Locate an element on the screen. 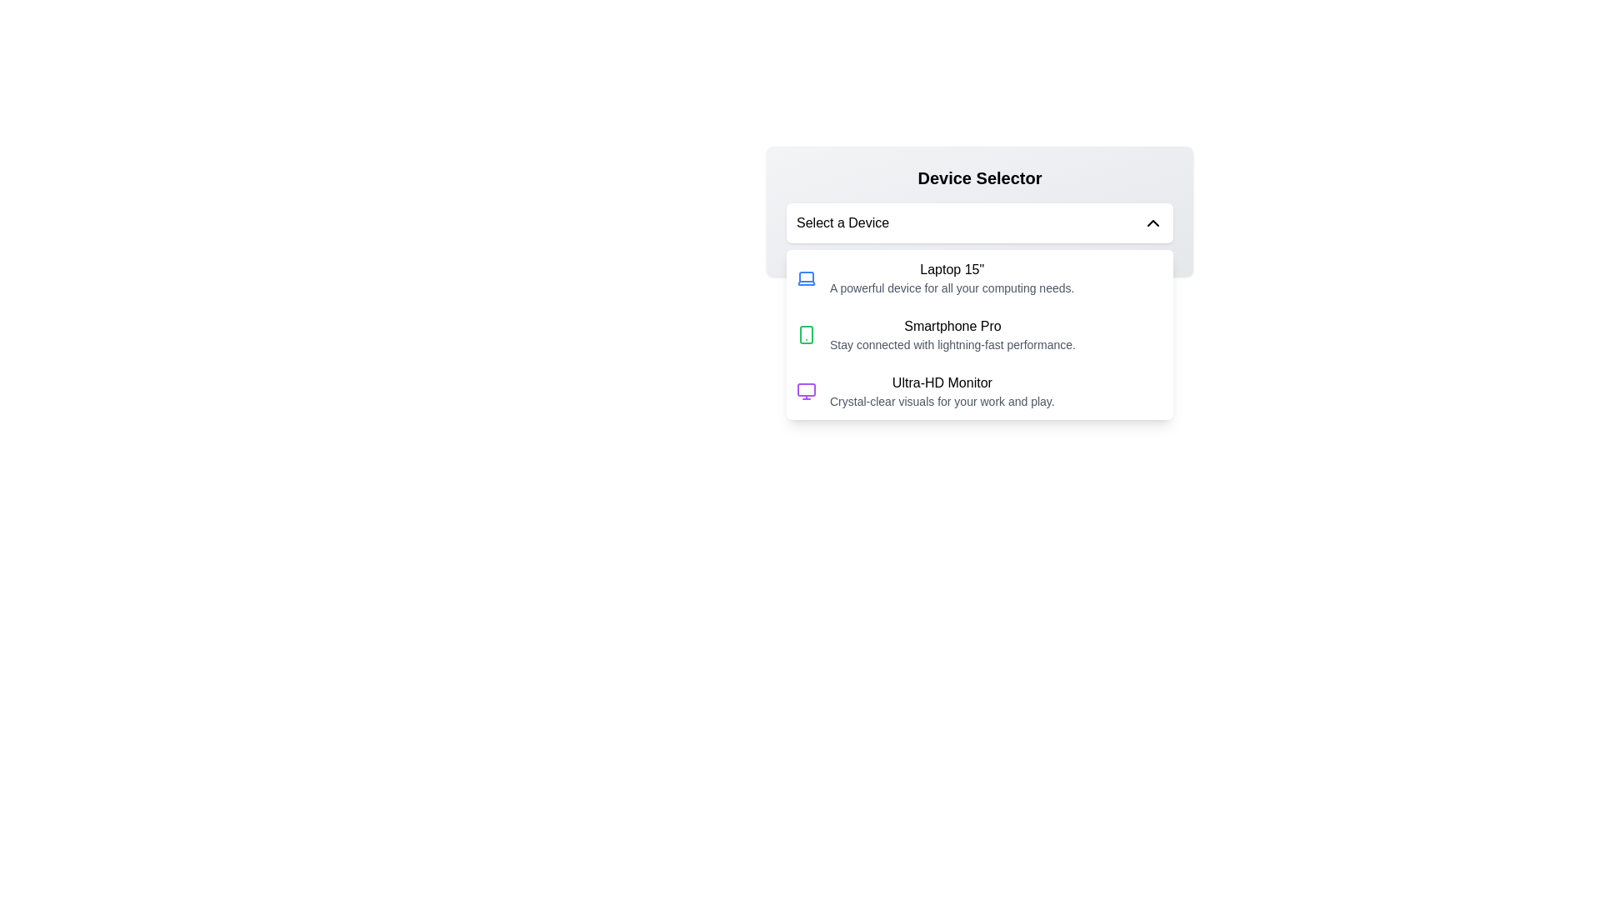 This screenshot has width=1600, height=900. to select the 'Smartphone Pro' option from the dropdown menu, which is the second item in the list of device descriptions is located at coordinates (980, 334).